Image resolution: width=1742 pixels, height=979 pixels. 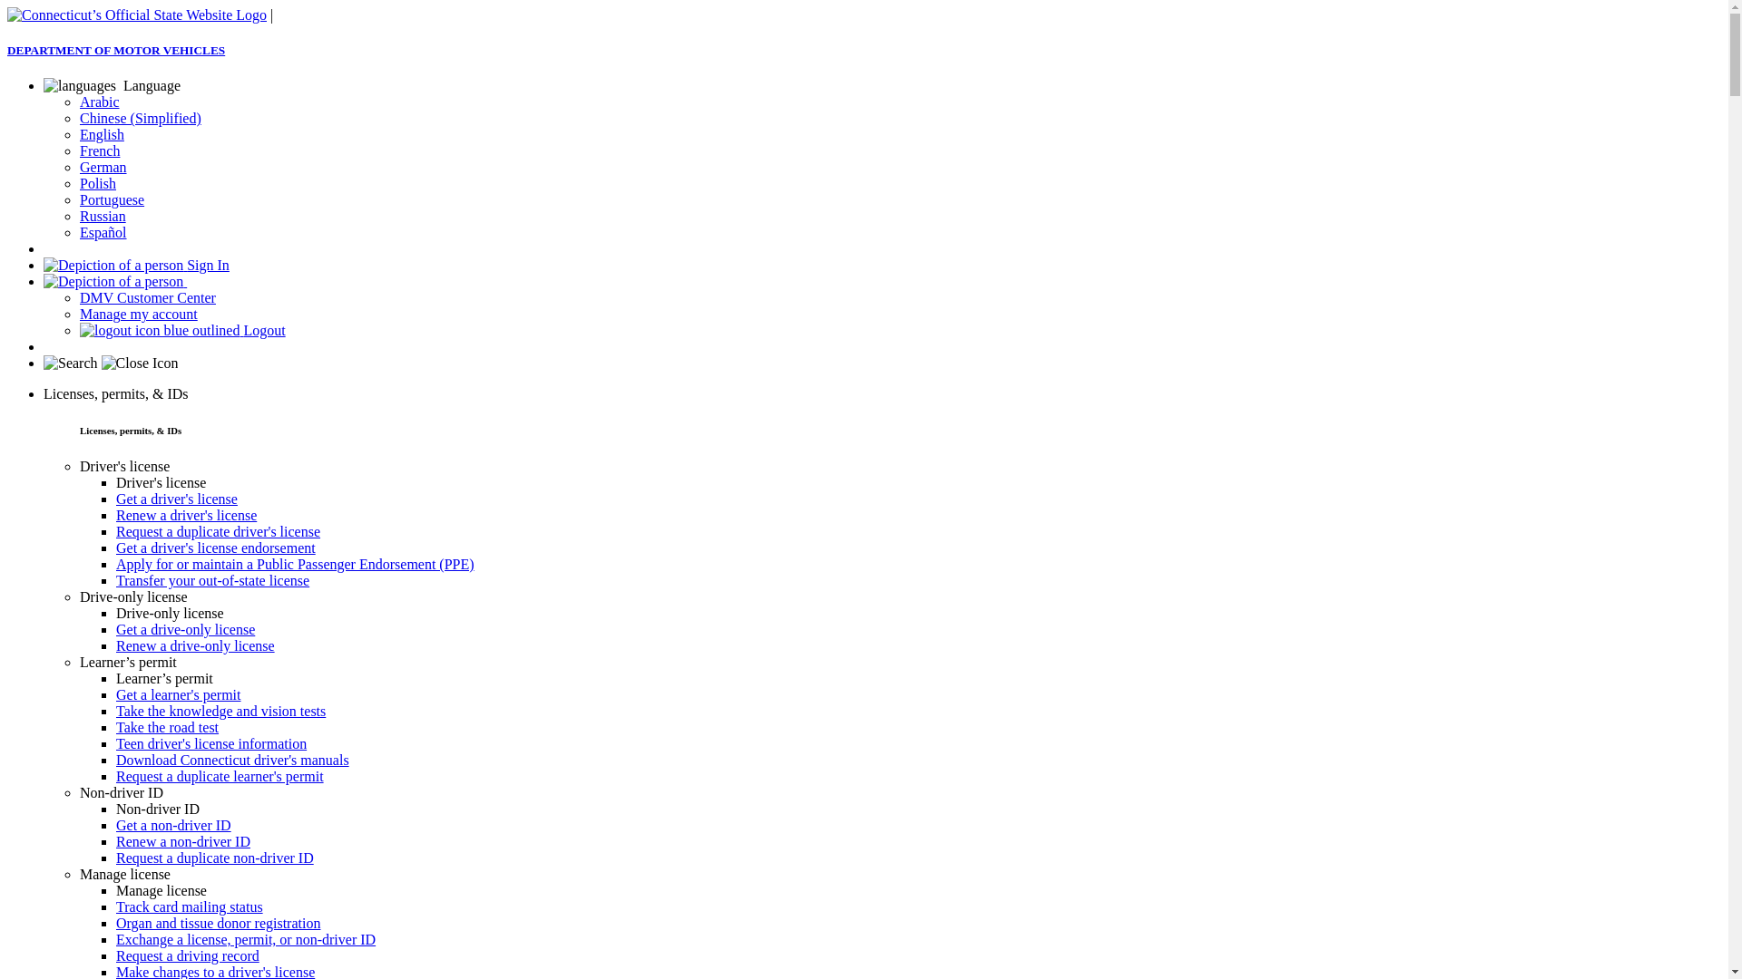 I want to click on 'Get a driver's license endorsement', so click(x=216, y=547).